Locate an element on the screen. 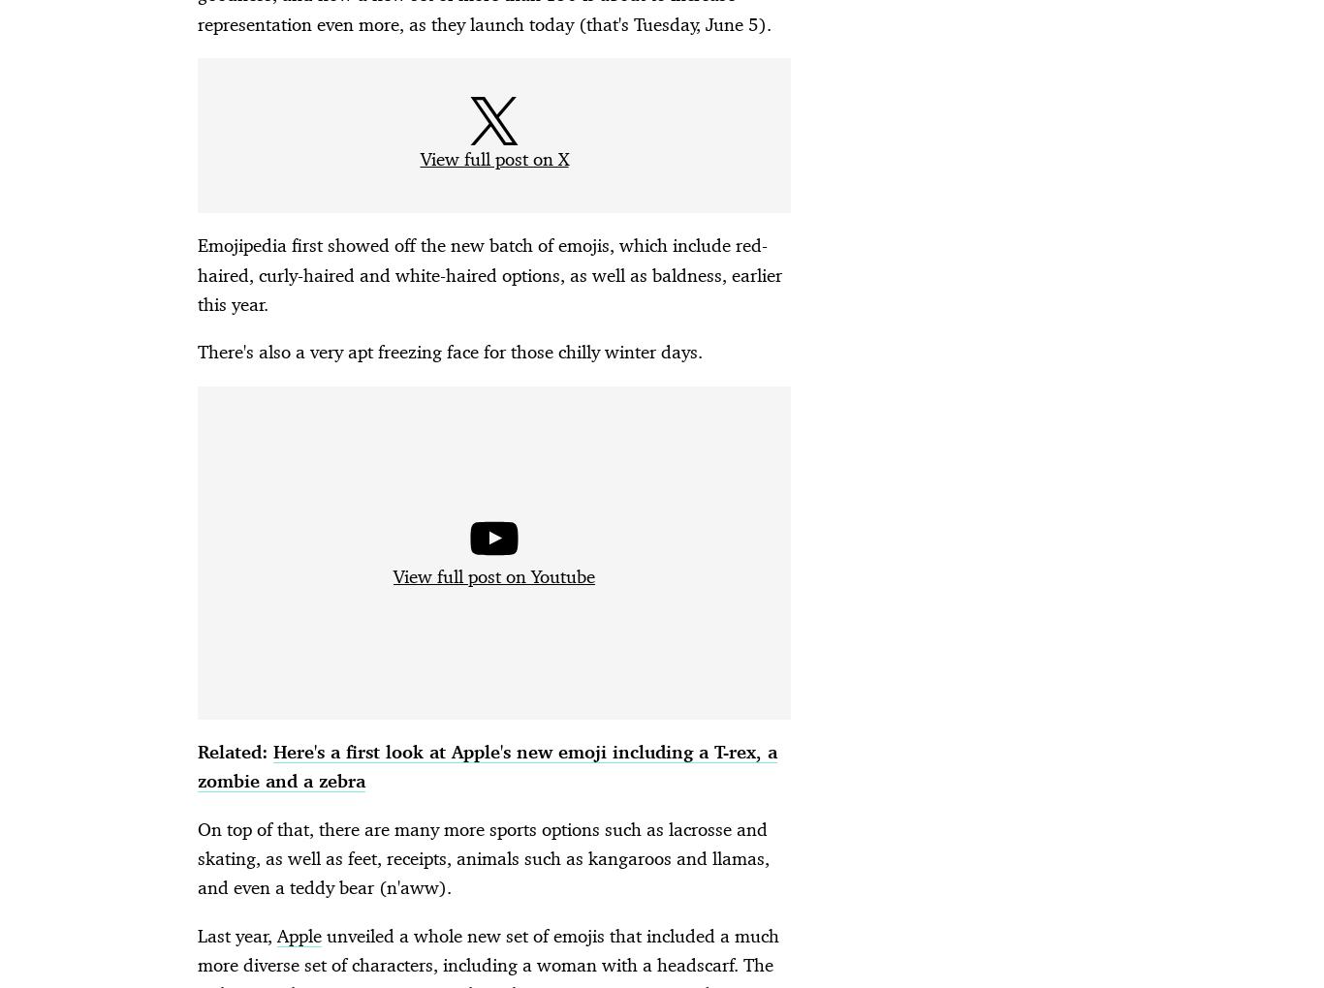  'Apple TV+' is located at coordinates (389, 973).